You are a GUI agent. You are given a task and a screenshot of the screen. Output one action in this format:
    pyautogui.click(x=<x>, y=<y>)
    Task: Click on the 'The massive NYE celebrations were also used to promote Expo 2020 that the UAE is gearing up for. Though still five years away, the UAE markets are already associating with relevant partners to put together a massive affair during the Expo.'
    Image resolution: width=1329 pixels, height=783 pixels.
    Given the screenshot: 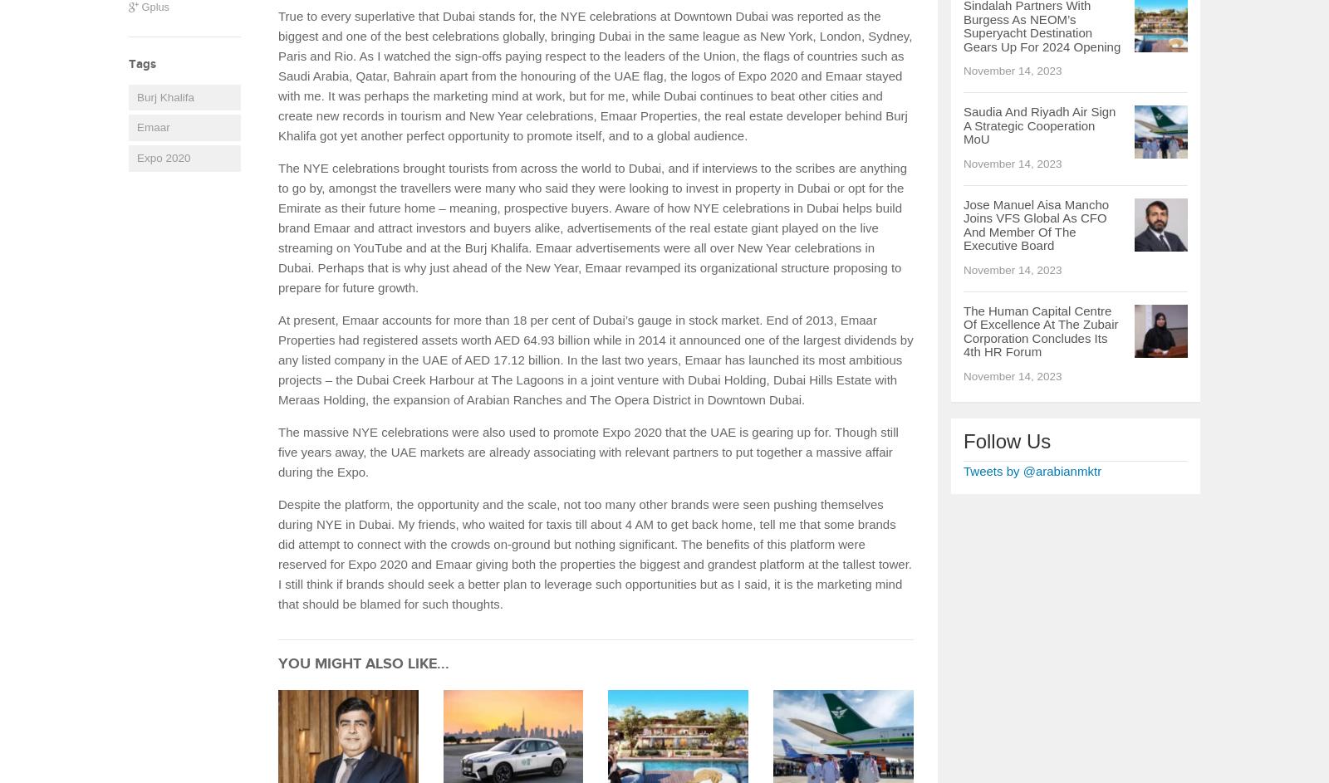 What is the action you would take?
    pyautogui.click(x=588, y=452)
    